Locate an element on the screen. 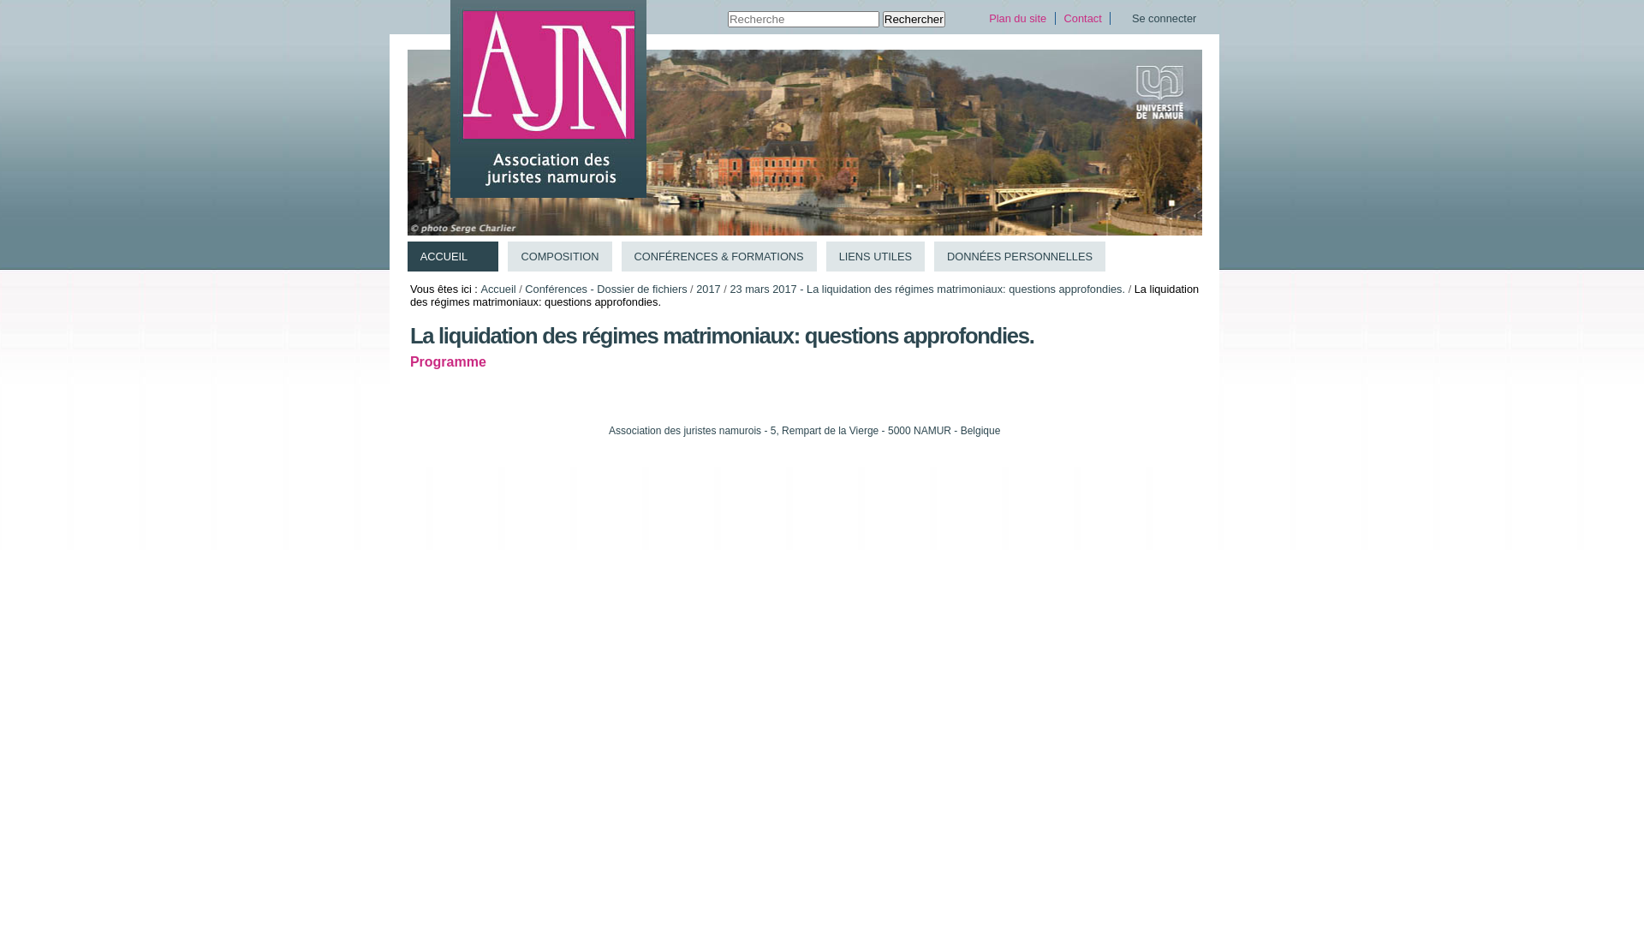 The height and width of the screenshot is (925, 1644). 'Recherche' is located at coordinates (802, 19).